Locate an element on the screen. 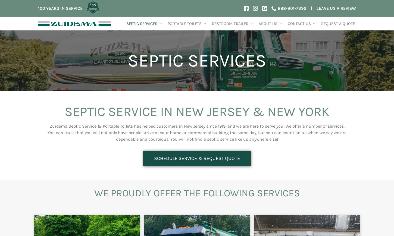 This screenshot has height=236, width=394. 'Septic Inspections' is located at coordinates (130, 48).